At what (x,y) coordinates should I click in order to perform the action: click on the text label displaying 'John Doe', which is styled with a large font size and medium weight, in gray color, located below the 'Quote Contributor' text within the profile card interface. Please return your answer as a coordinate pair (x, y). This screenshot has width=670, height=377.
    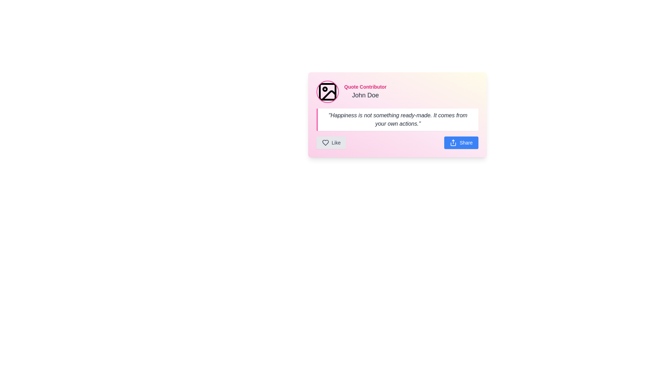
    Looking at the image, I should click on (365, 95).